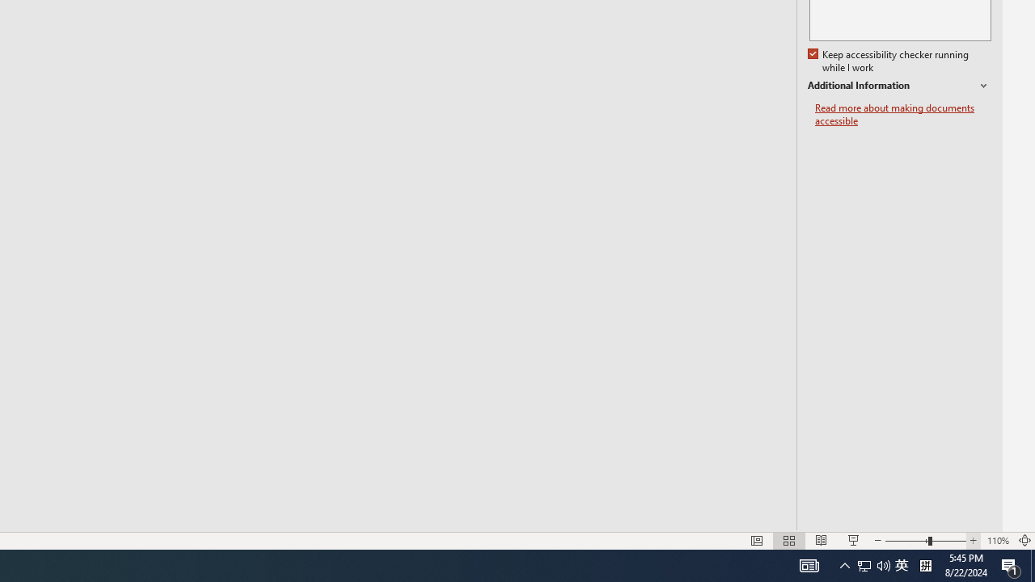 This screenshot has width=1035, height=582. I want to click on 'Zoom 110%', so click(997, 541).